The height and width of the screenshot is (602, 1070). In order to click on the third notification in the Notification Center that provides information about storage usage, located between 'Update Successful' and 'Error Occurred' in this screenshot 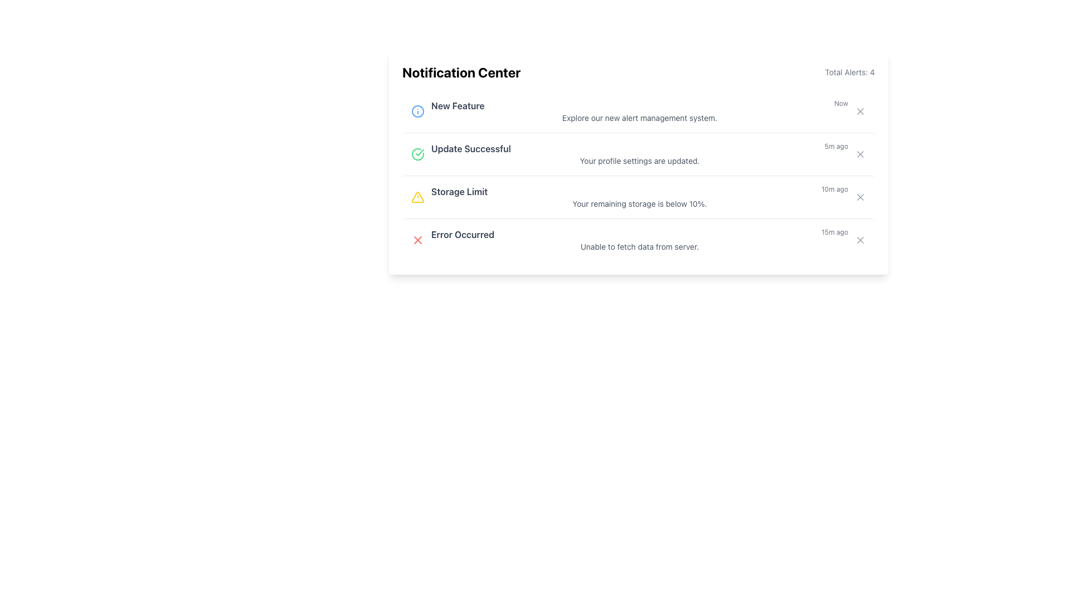, I will do `click(639, 191)`.